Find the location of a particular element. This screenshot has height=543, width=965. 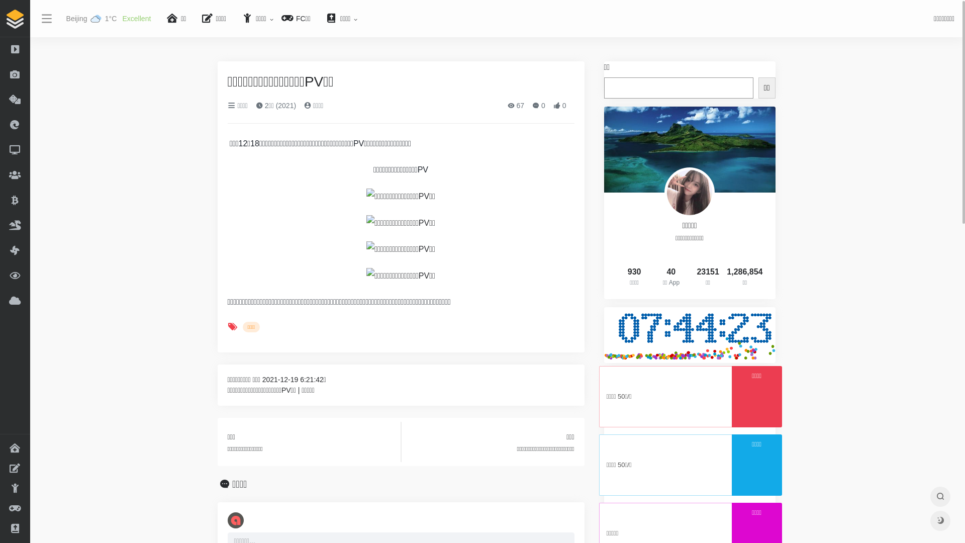

'0' is located at coordinates (538, 105).